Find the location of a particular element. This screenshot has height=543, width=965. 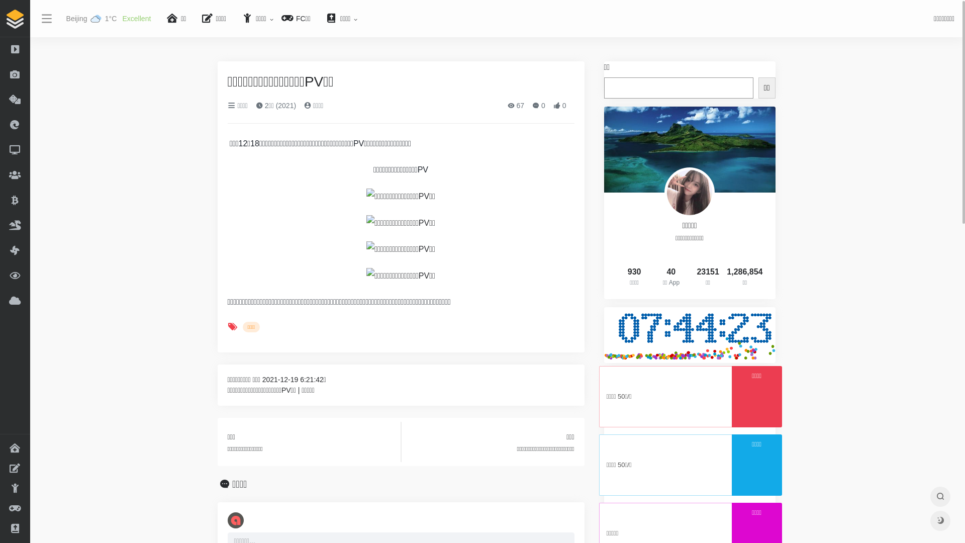

'0' is located at coordinates (538, 105).